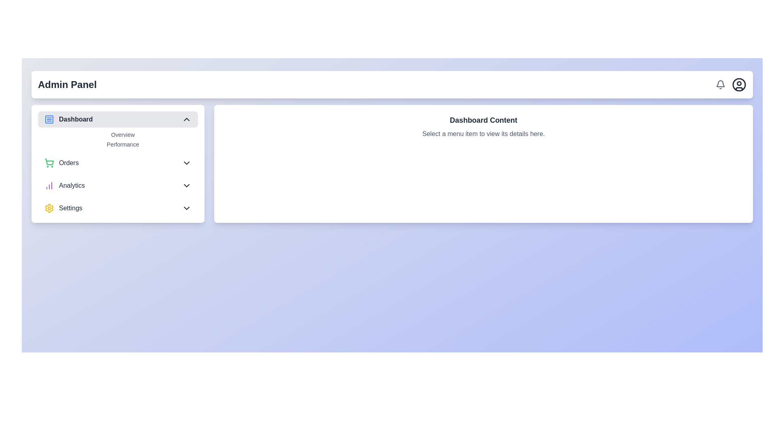  I want to click on the 'Orders' menu item in the left-side menu under the 'Dashboard' section, so click(69, 163).